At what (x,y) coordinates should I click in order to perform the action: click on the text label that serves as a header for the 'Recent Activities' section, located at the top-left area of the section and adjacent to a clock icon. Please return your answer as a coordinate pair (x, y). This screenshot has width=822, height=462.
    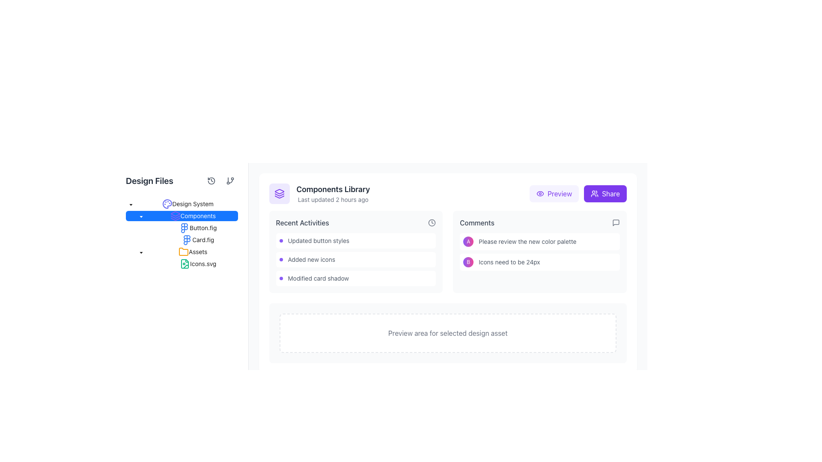
    Looking at the image, I should click on (302, 222).